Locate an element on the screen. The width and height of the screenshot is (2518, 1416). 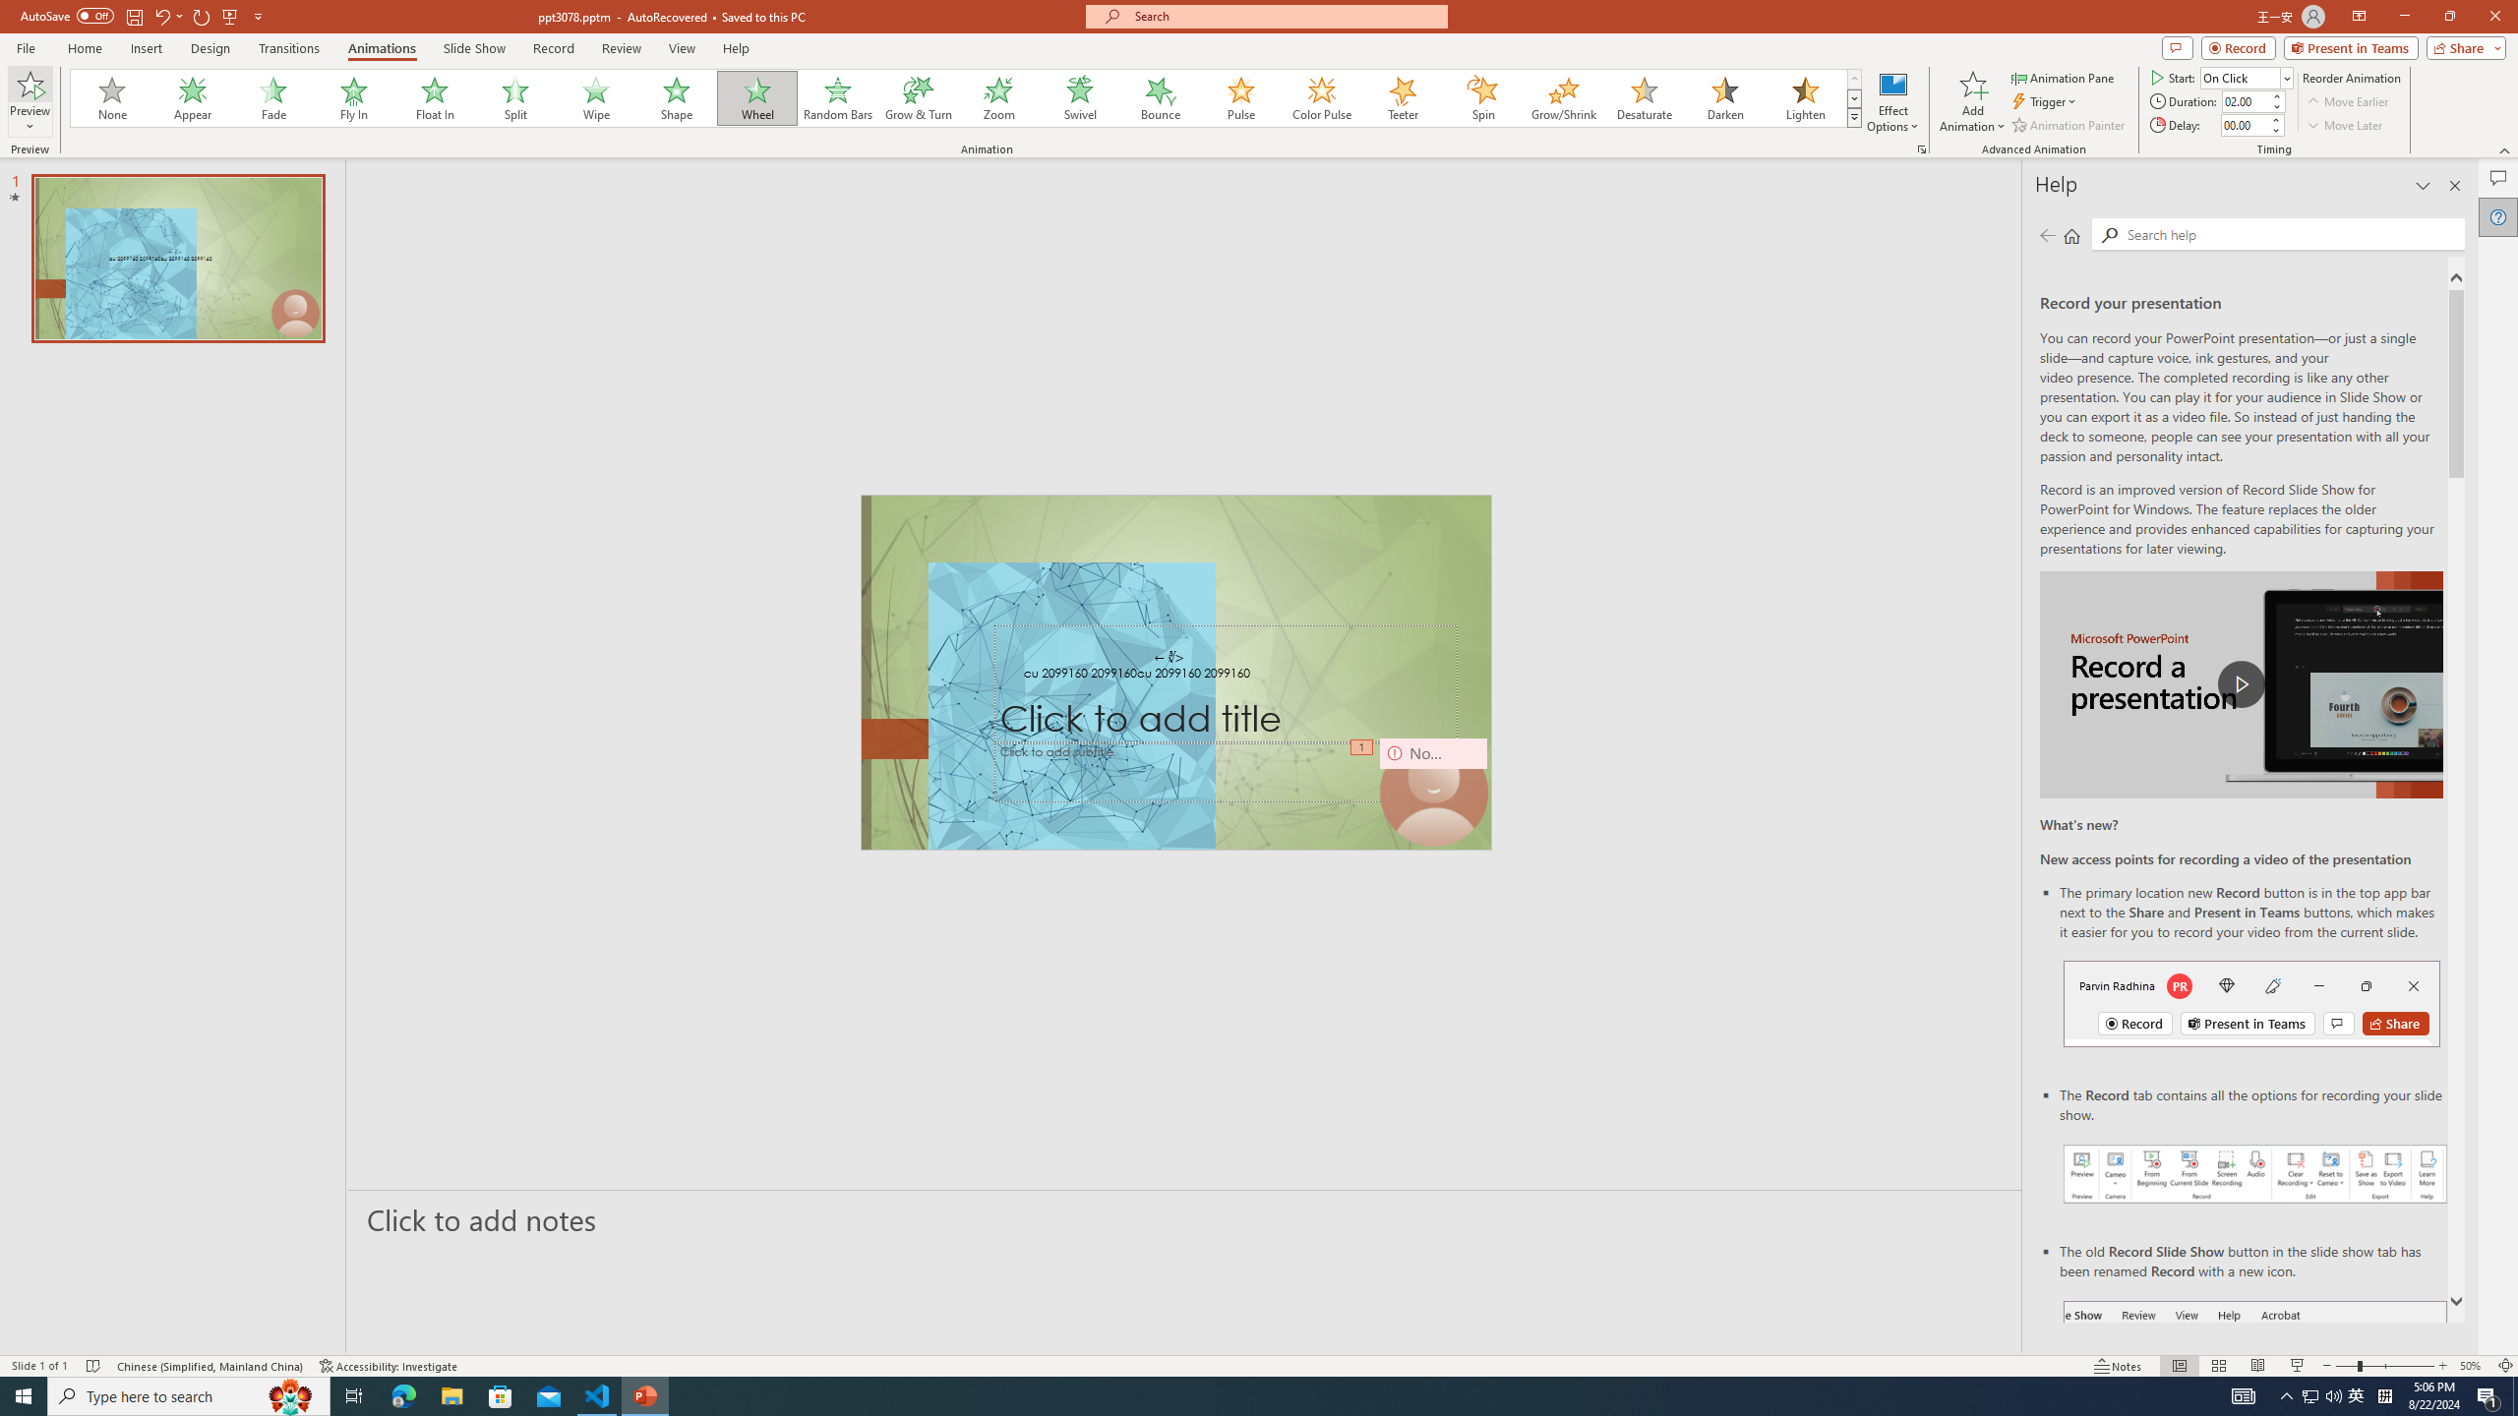
'Desaturate' is located at coordinates (1644, 97).